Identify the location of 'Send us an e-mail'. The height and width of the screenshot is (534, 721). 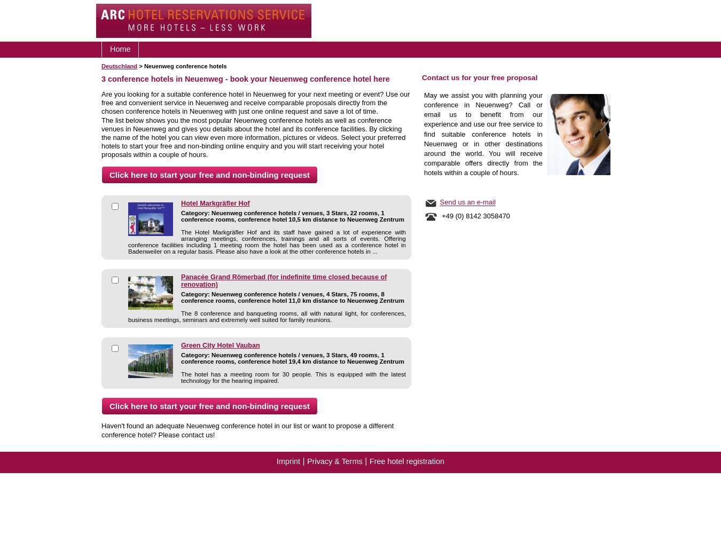
(467, 202).